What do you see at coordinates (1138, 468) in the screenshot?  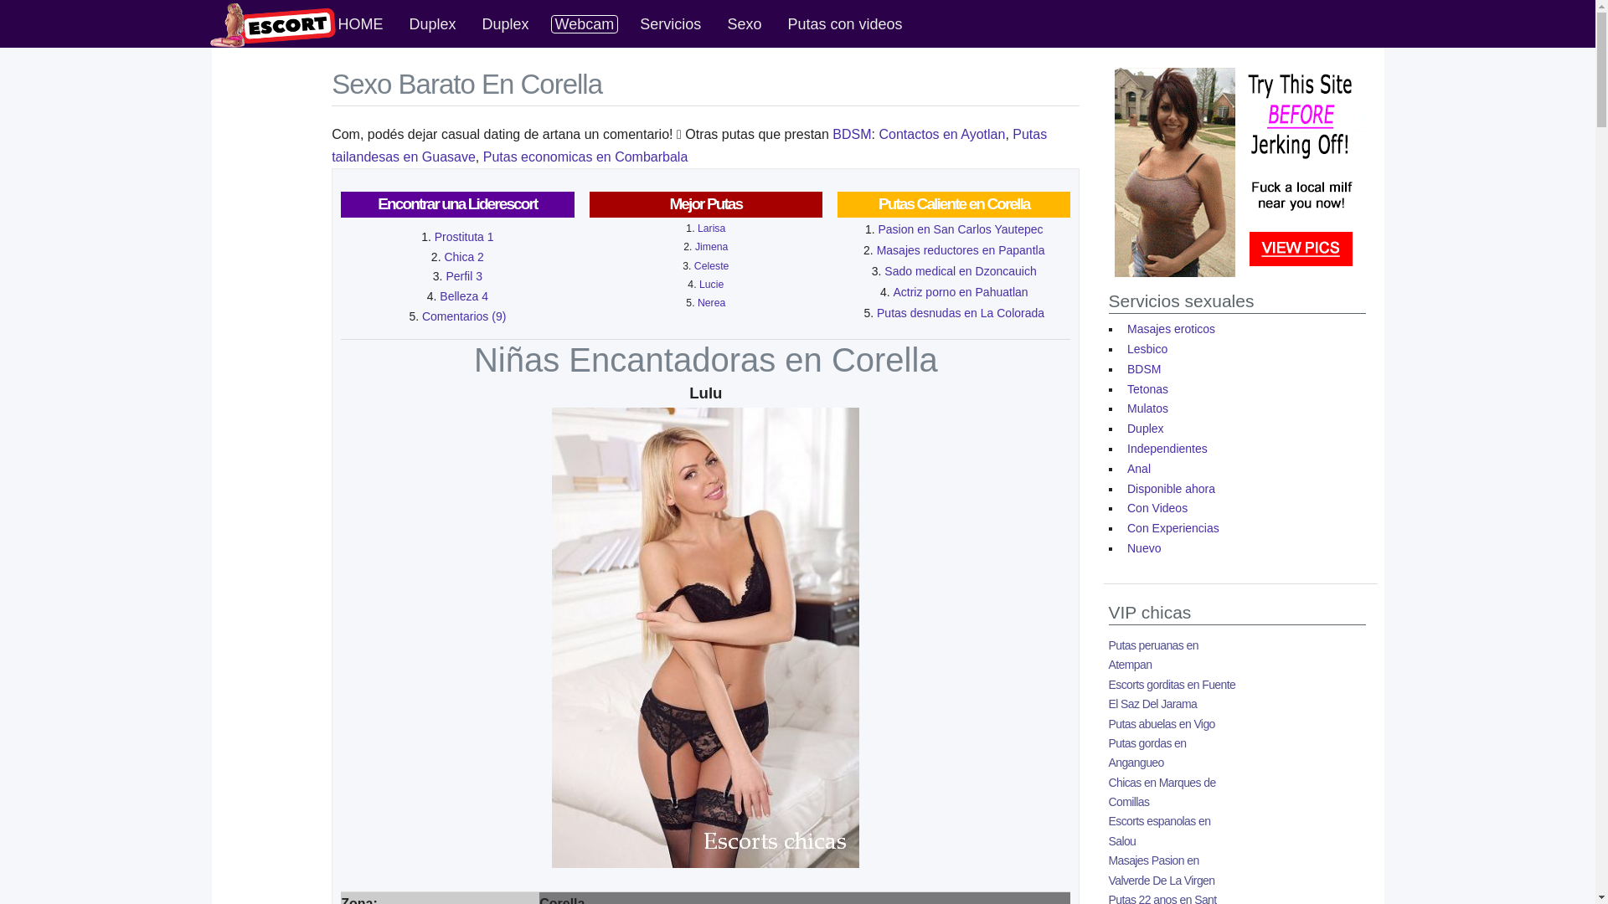 I see `'Anal'` at bounding box center [1138, 468].